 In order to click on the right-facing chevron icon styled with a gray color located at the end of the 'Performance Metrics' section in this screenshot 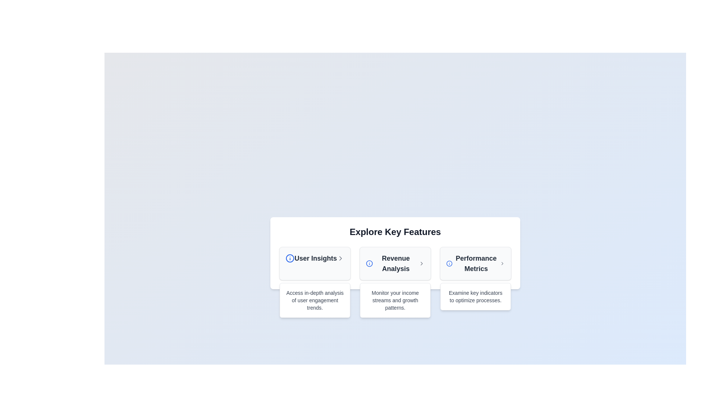, I will do `click(502, 263)`.